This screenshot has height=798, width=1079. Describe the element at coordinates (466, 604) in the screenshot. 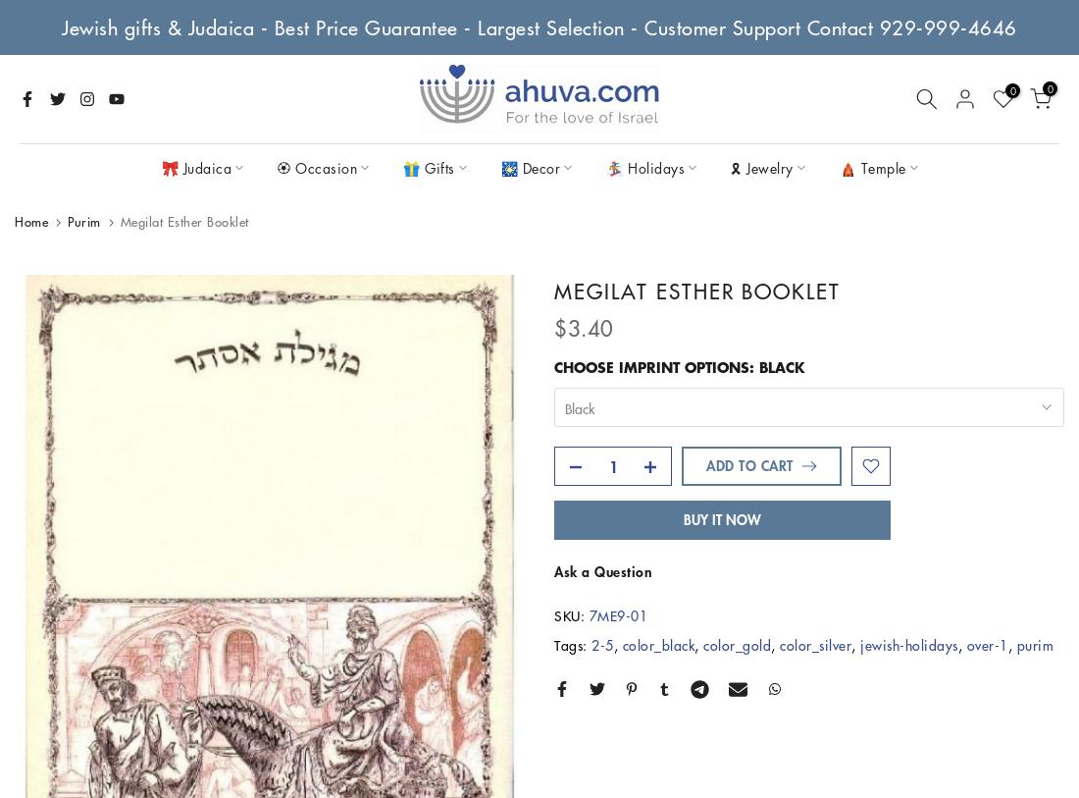

I see `'Shofars'` at that location.